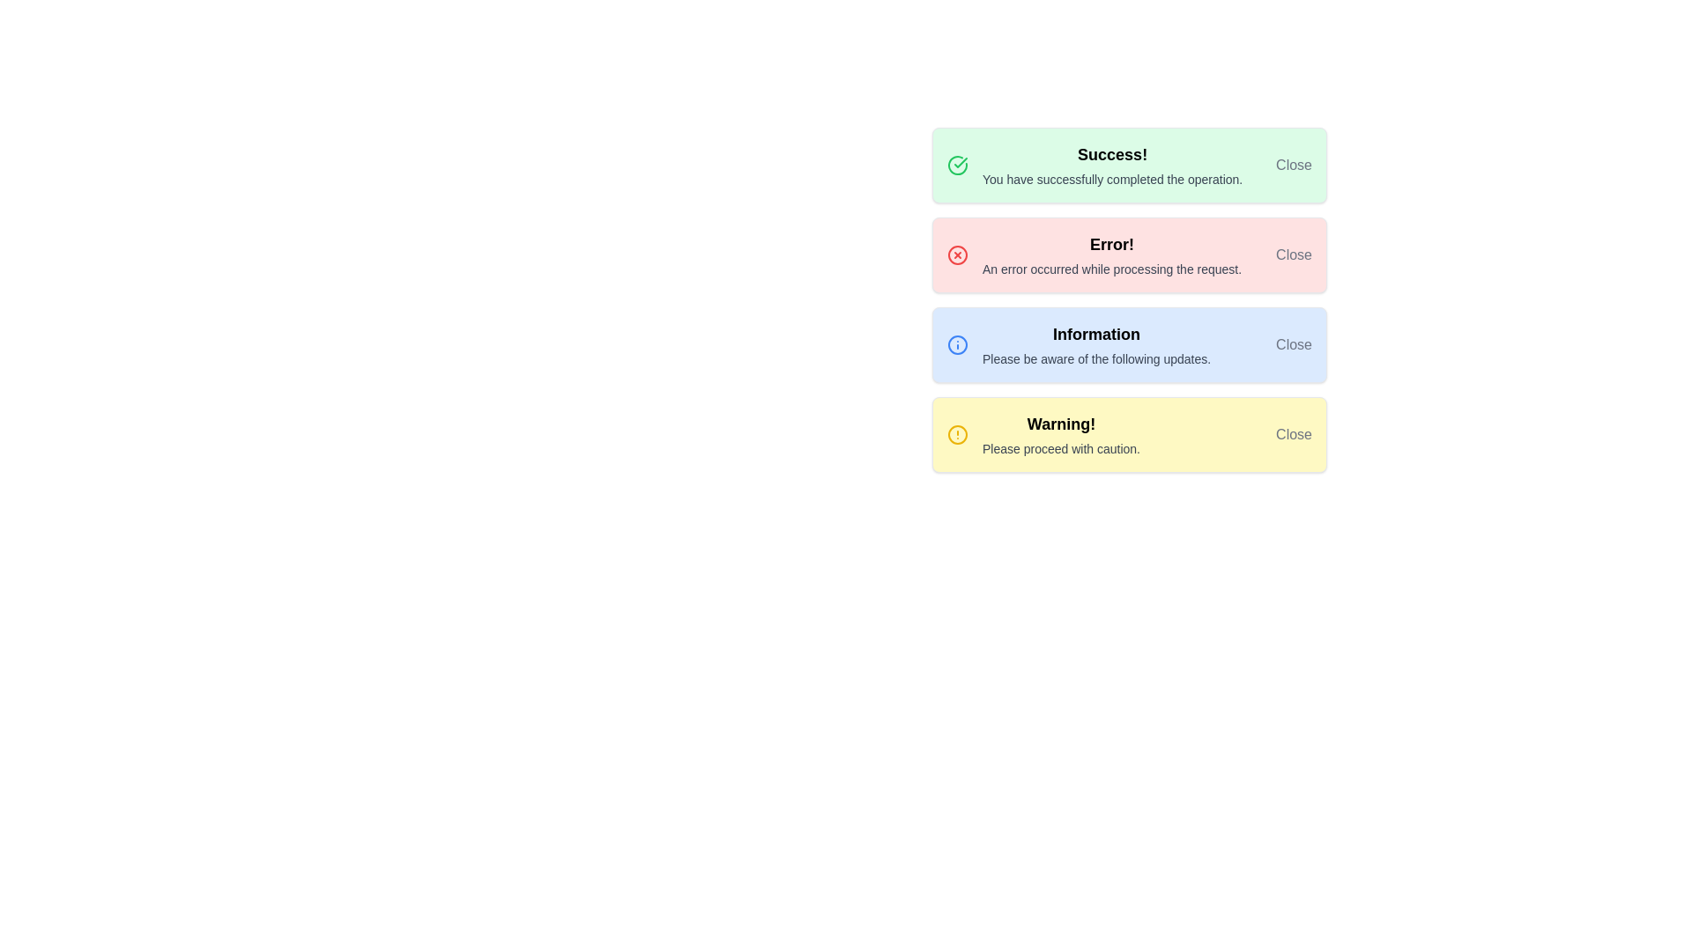  Describe the element at coordinates (1129, 166) in the screenshot. I see `the green notification banner that displays a checkmark icon and the title 'Success!' with the message 'You have successfully completed the operation.'` at that location.